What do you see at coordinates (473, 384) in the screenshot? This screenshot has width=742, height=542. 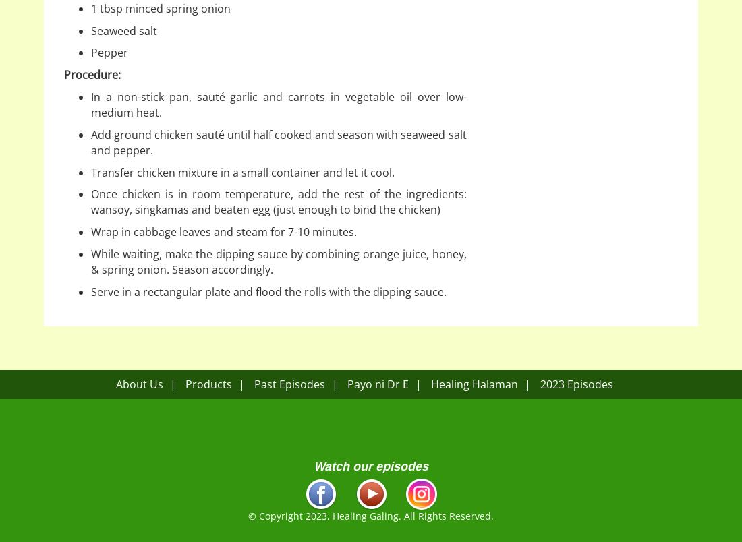 I see `'Healing Halaman'` at bounding box center [473, 384].